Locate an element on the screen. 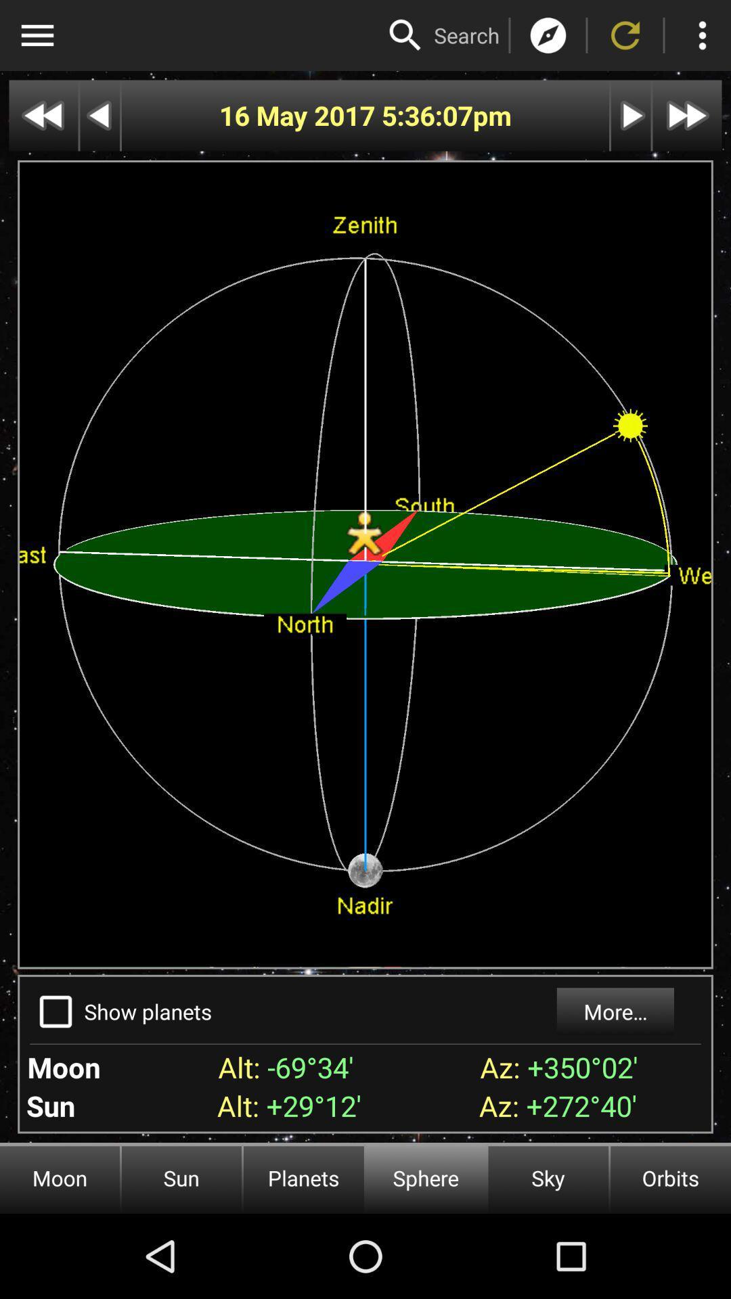 This screenshot has height=1299, width=731. refresh is located at coordinates (625, 35).